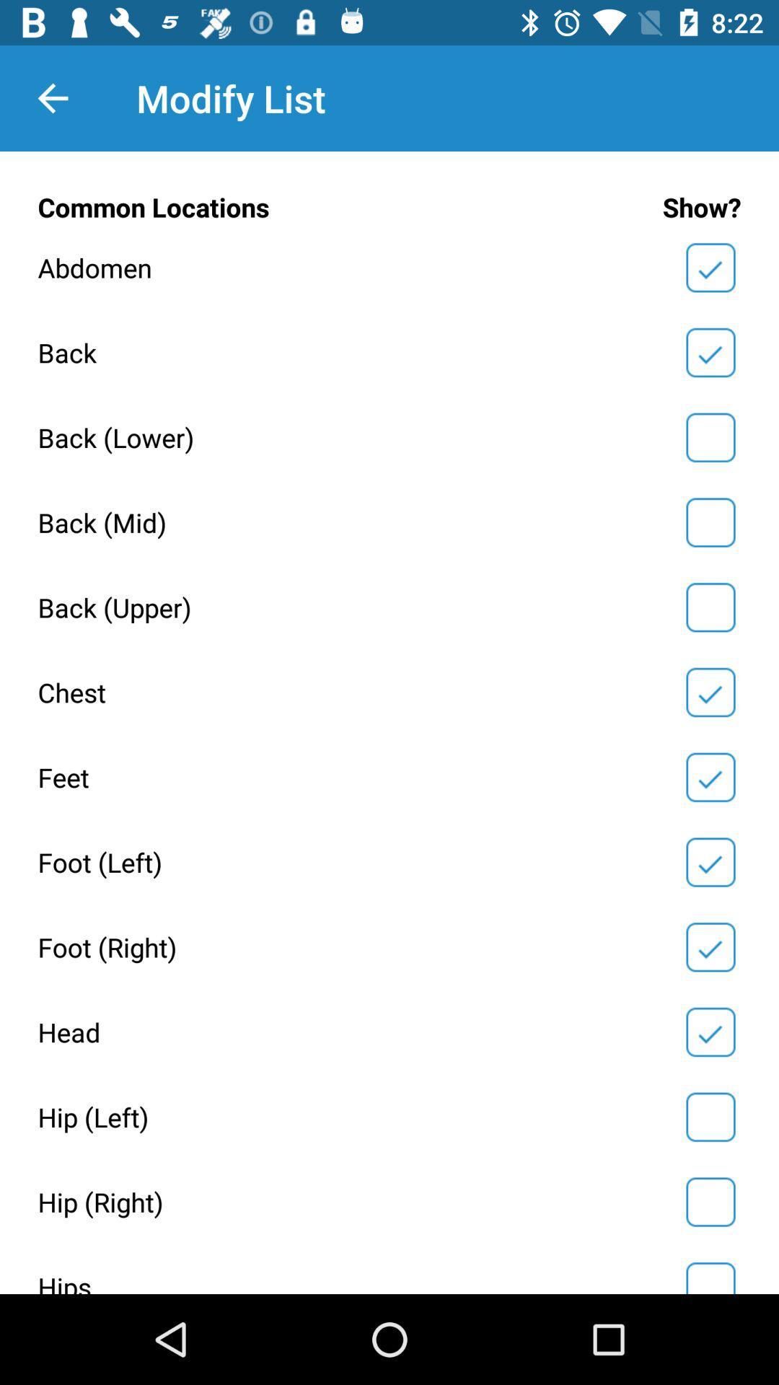 The width and height of the screenshot is (779, 1385). I want to click on check selected location, so click(710, 607).